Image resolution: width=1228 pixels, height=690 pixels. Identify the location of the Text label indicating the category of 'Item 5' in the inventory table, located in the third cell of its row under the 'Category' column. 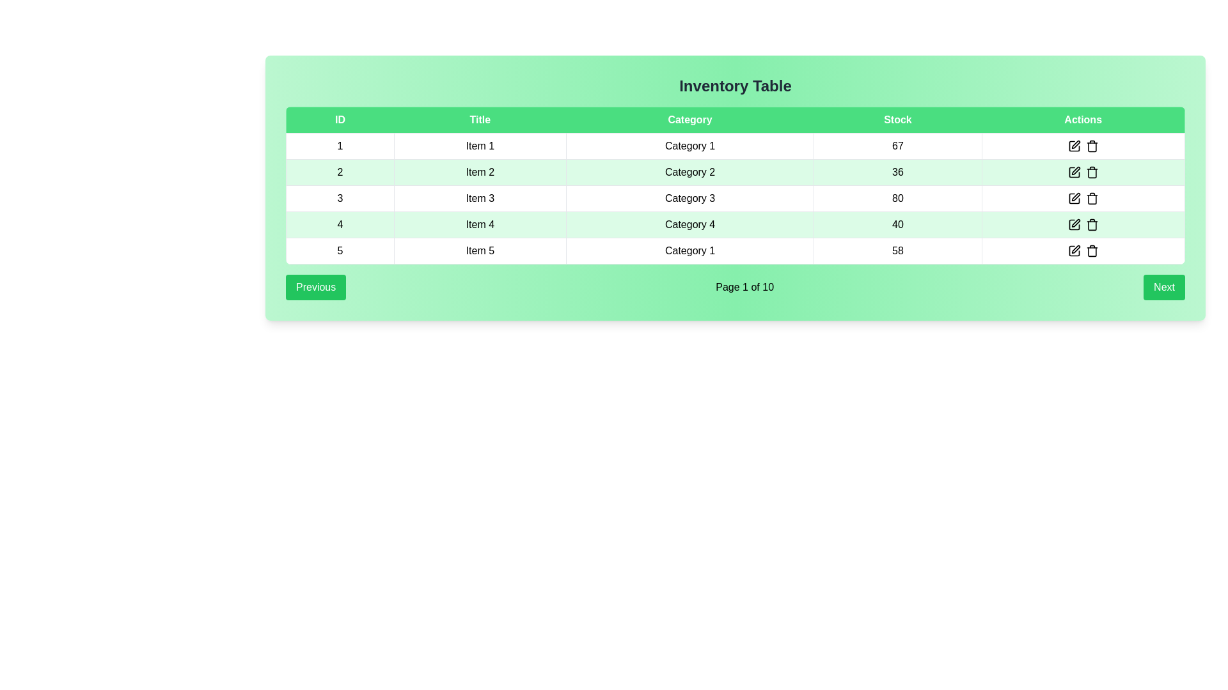
(689, 251).